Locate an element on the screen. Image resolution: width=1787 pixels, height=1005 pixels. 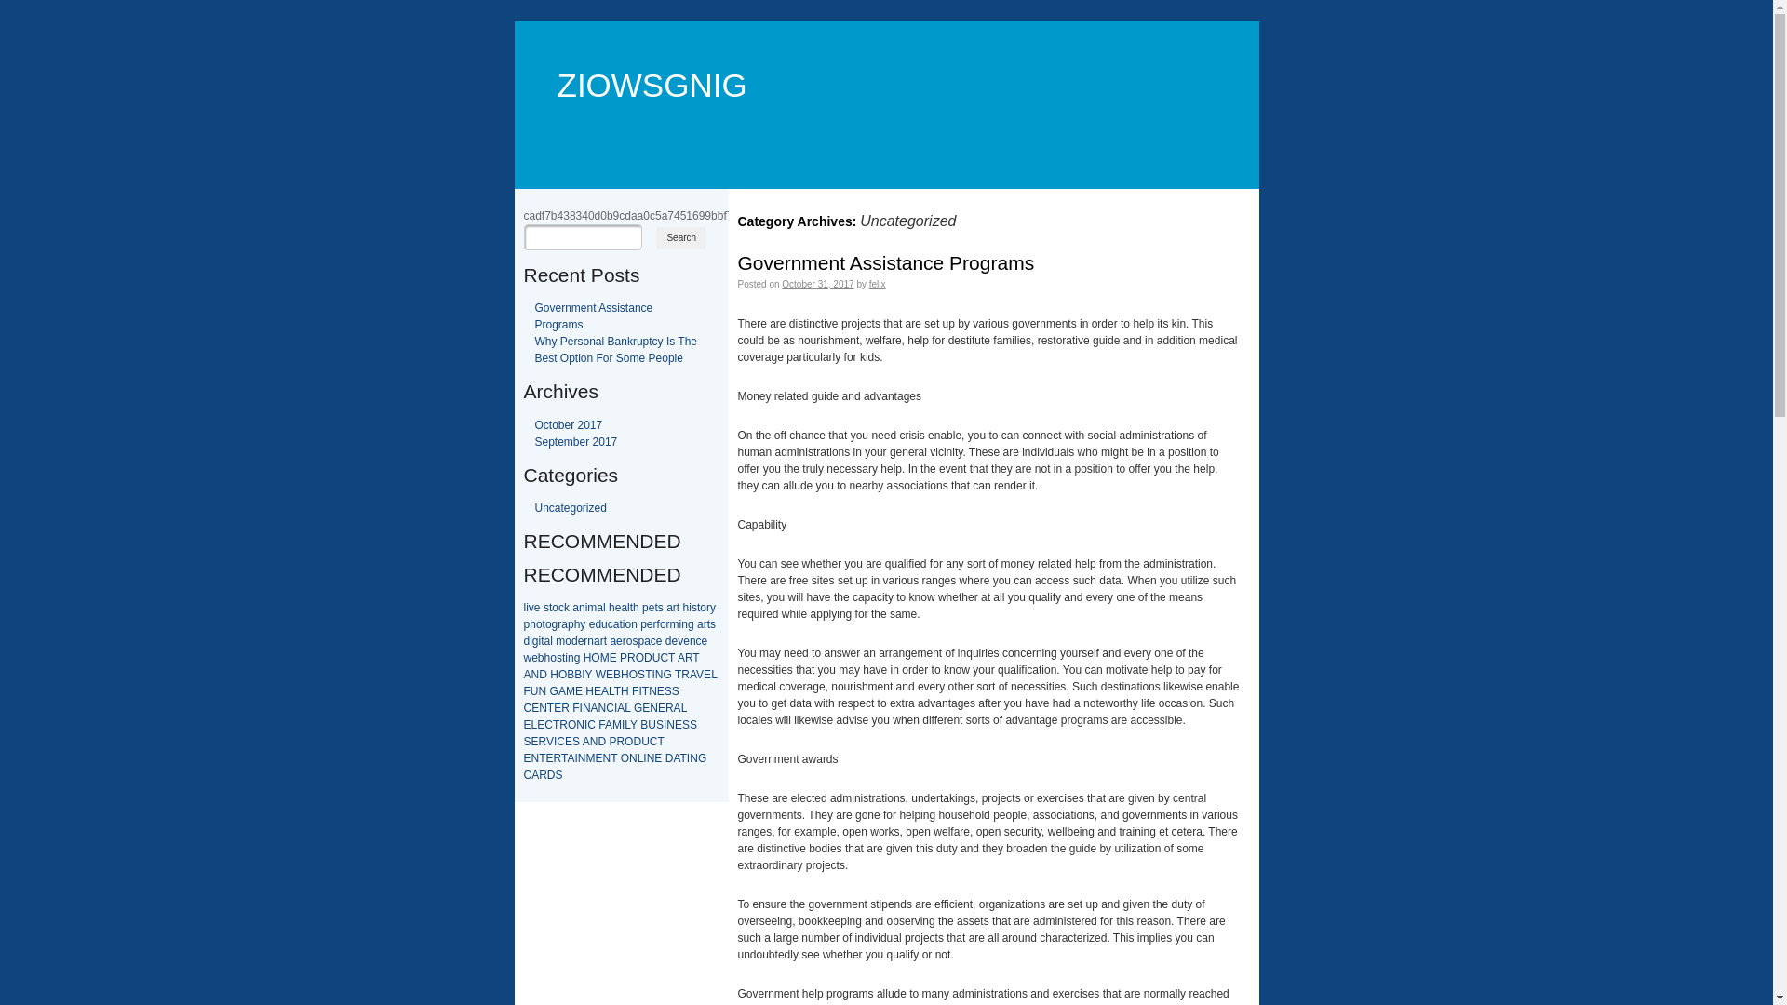
'a' is located at coordinates (612, 640).